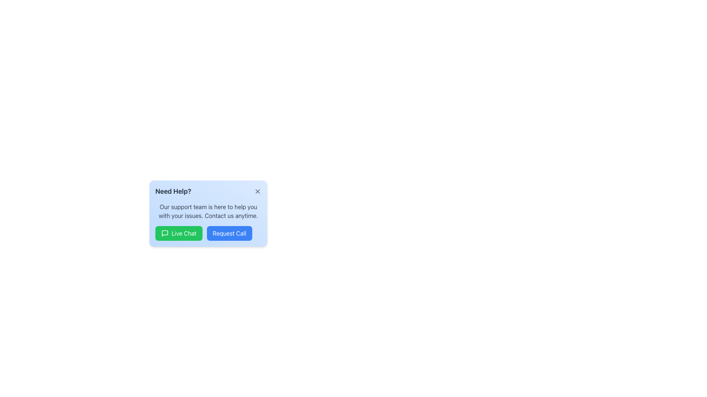  Describe the element at coordinates (208, 211) in the screenshot. I see `the informational text block located in the dialog box under the heading 'Need Help?', positioned above the 'Live Chat' and 'Request Call' buttons` at that location.